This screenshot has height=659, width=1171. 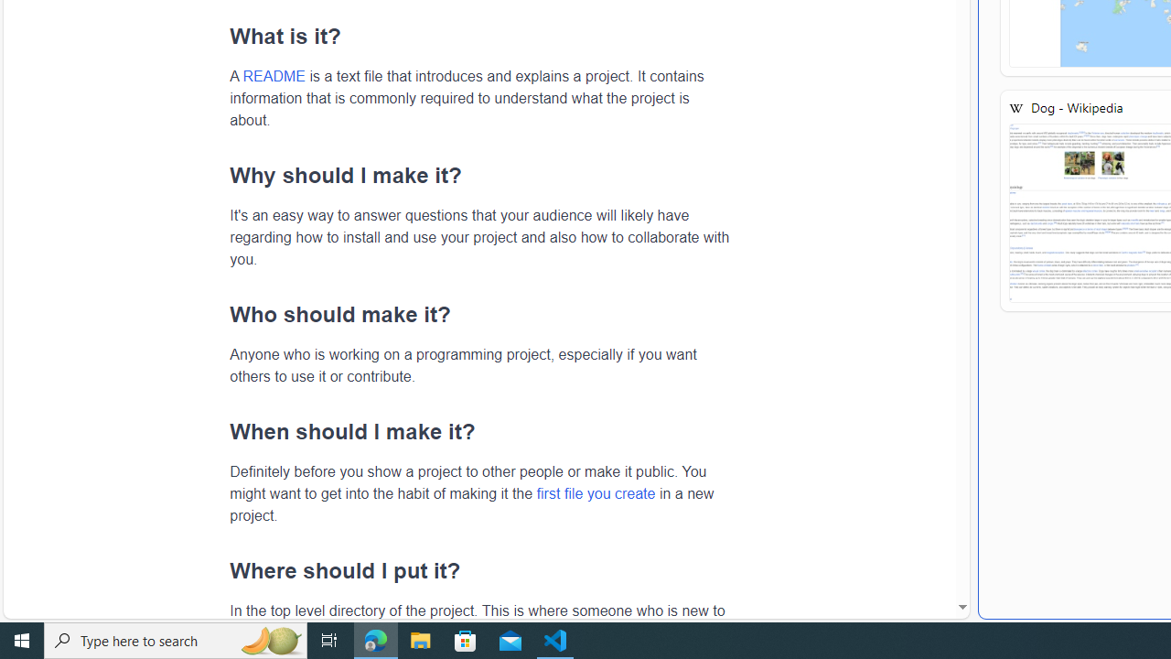 I want to click on 'first file you create', so click(x=596, y=492).